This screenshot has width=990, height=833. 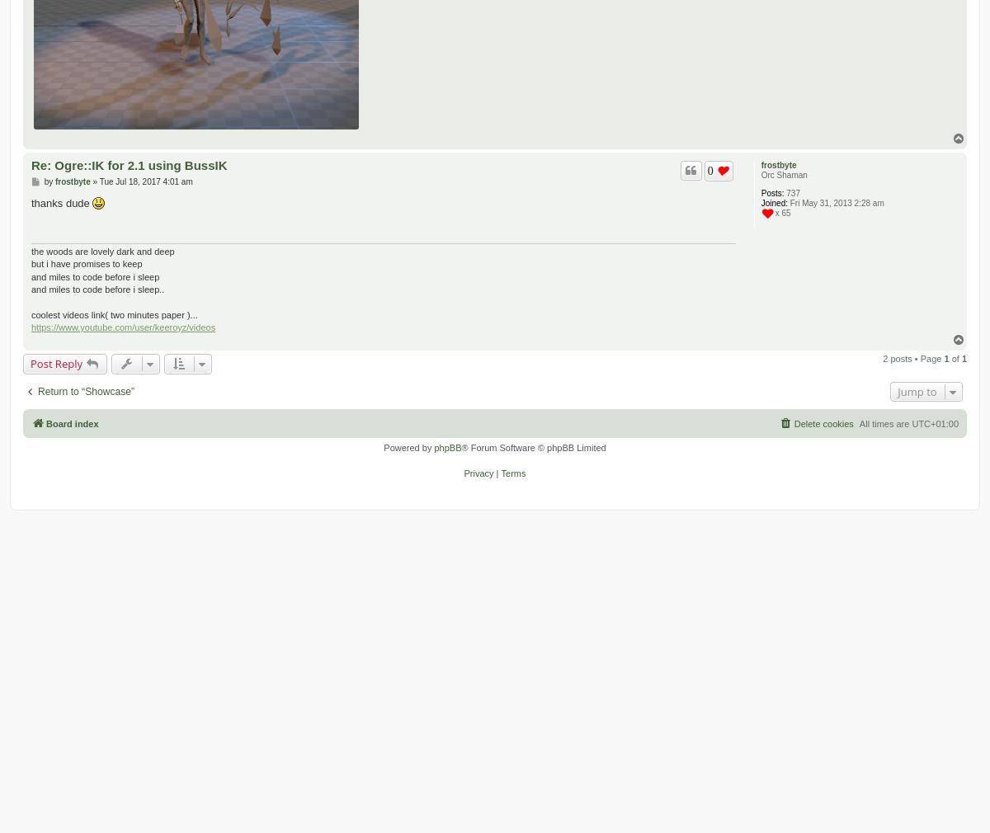 What do you see at coordinates (500, 471) in the screenshot?
I see `'Terms'` at bounding box center [500, 471].